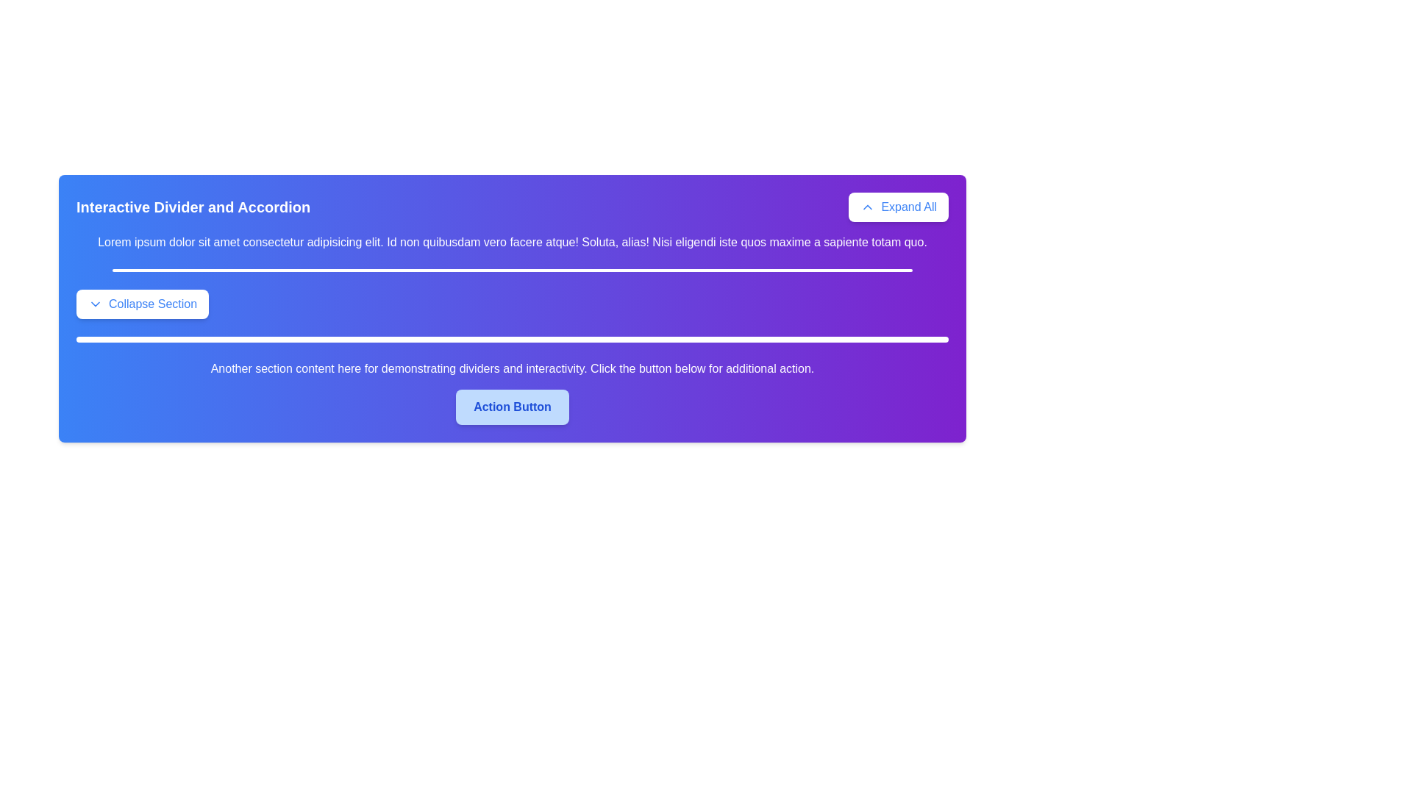  Describe the element at coordinates (898, 207) in the screenshot. I see `the button in the top-right corner of the purple box, which expands all collapsible sections in the interface` at that location.